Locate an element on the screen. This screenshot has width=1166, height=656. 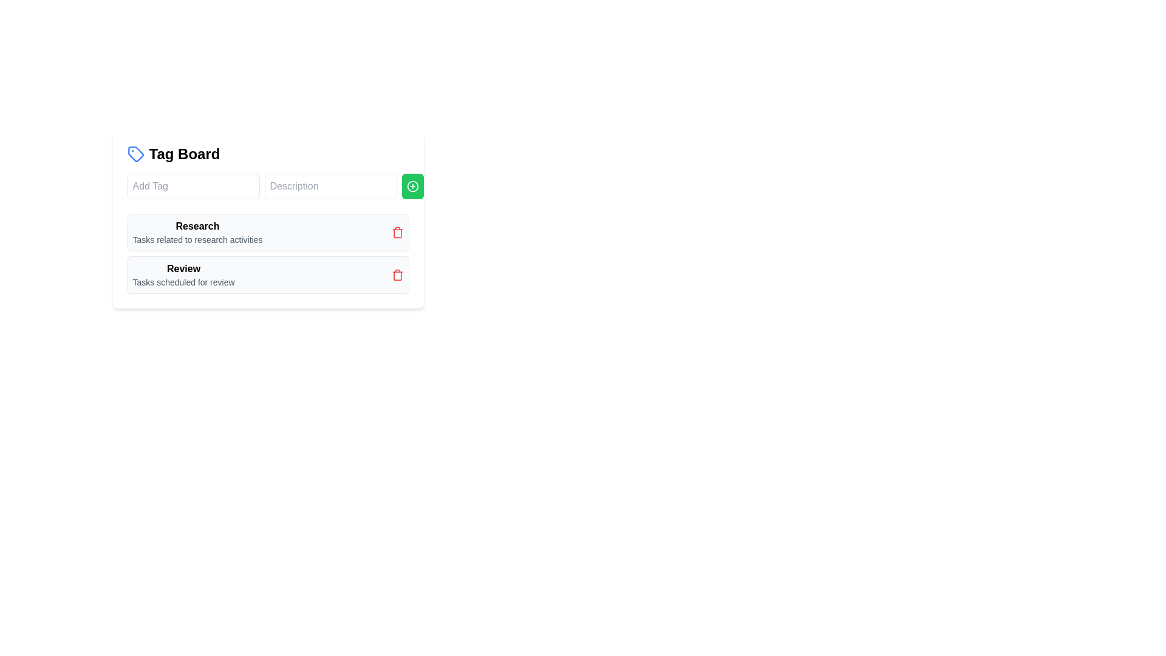
the delete button located at the far right of the 'Review' task row is located at coordinates (397, 275).